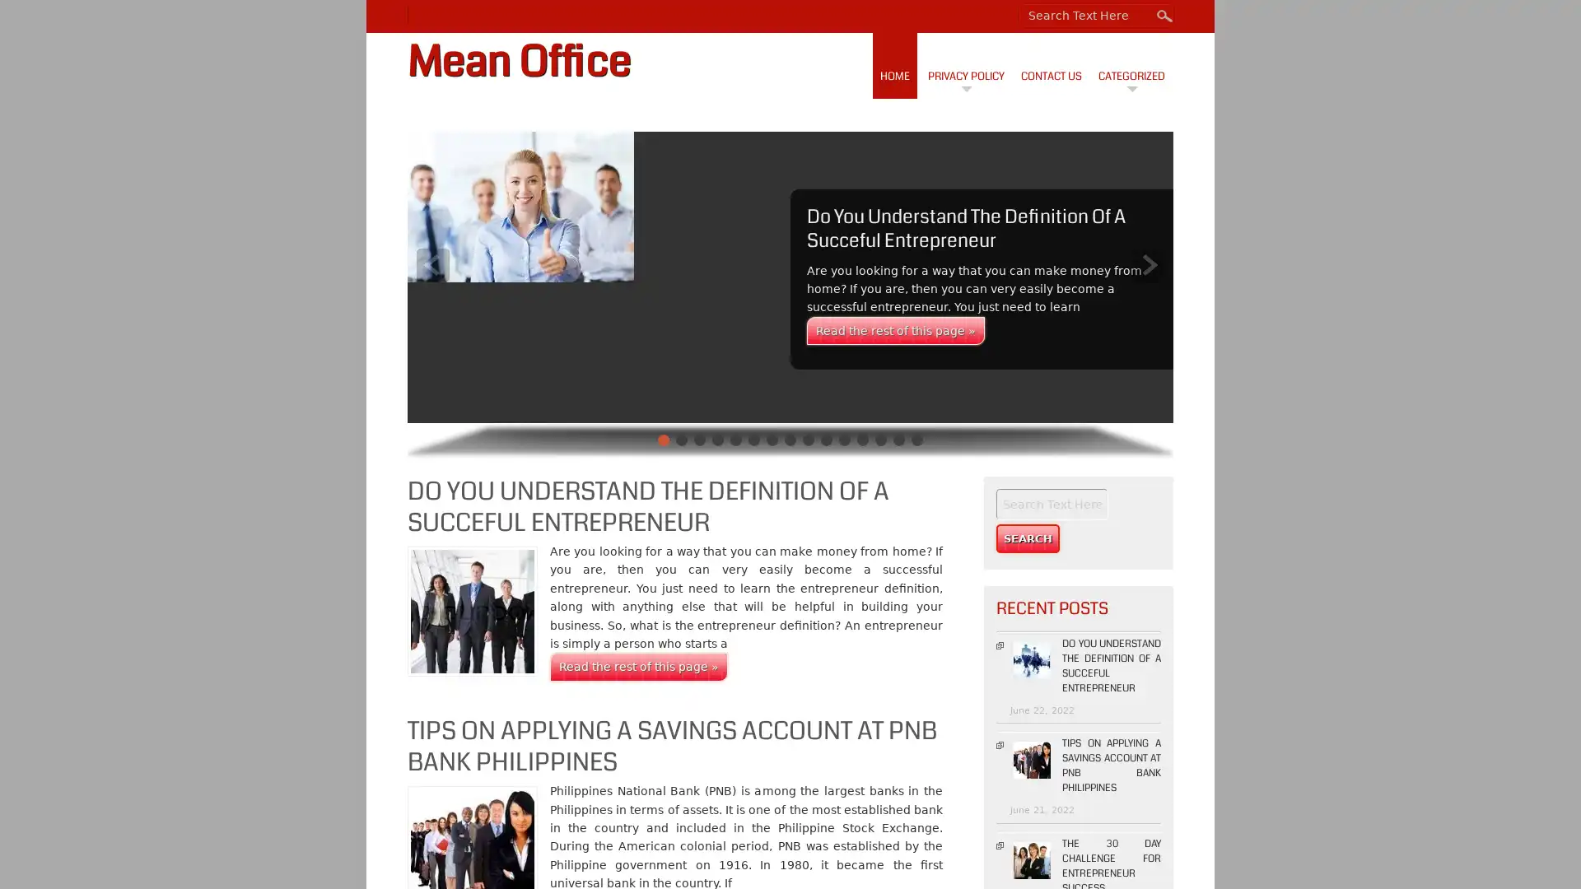  What do you see at coordinates (1027, 538) in the screenshot?
I see `Search` at bounding box center [1027, 538].